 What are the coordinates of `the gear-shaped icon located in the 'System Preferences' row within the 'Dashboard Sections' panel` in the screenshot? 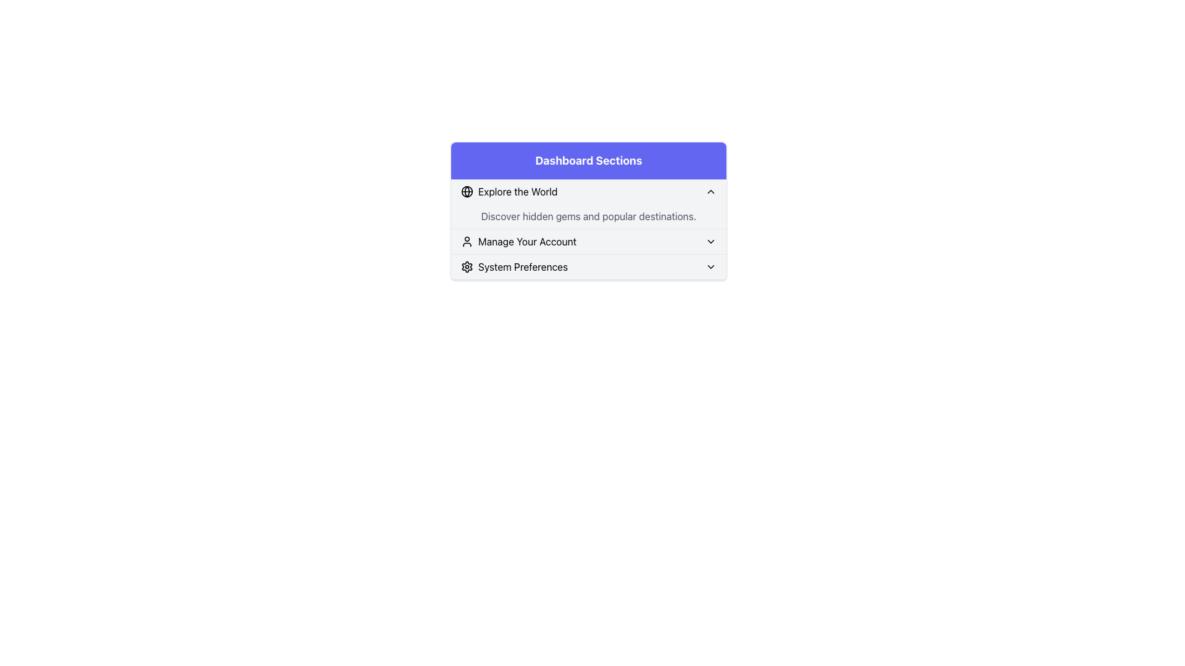 It's located at (467, 266).